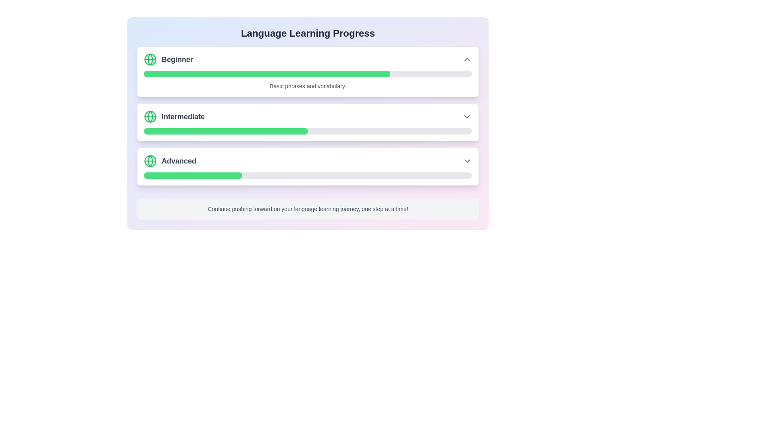  I want to click on the 'Advanced' text label, which is styled with a bold, large font and is positioned to the right of a green globe icon, as the third item in a vertically aligned list of language levels, so click(170, 161).